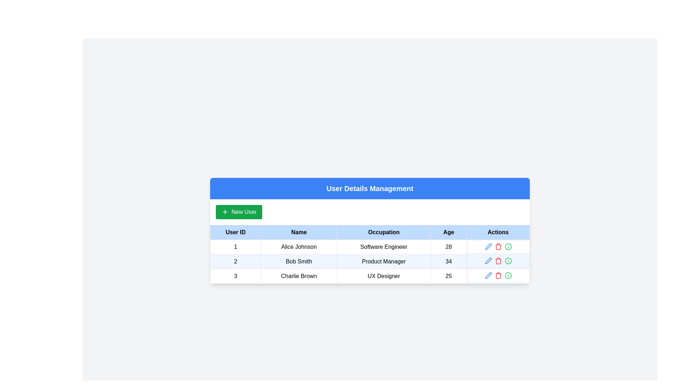 The image size is (685, 385). I want to click on the text content of the 'Software Engineer' label located in the 'Occupation' column of the table for user 'Alice Johnson', so click(383, 246).